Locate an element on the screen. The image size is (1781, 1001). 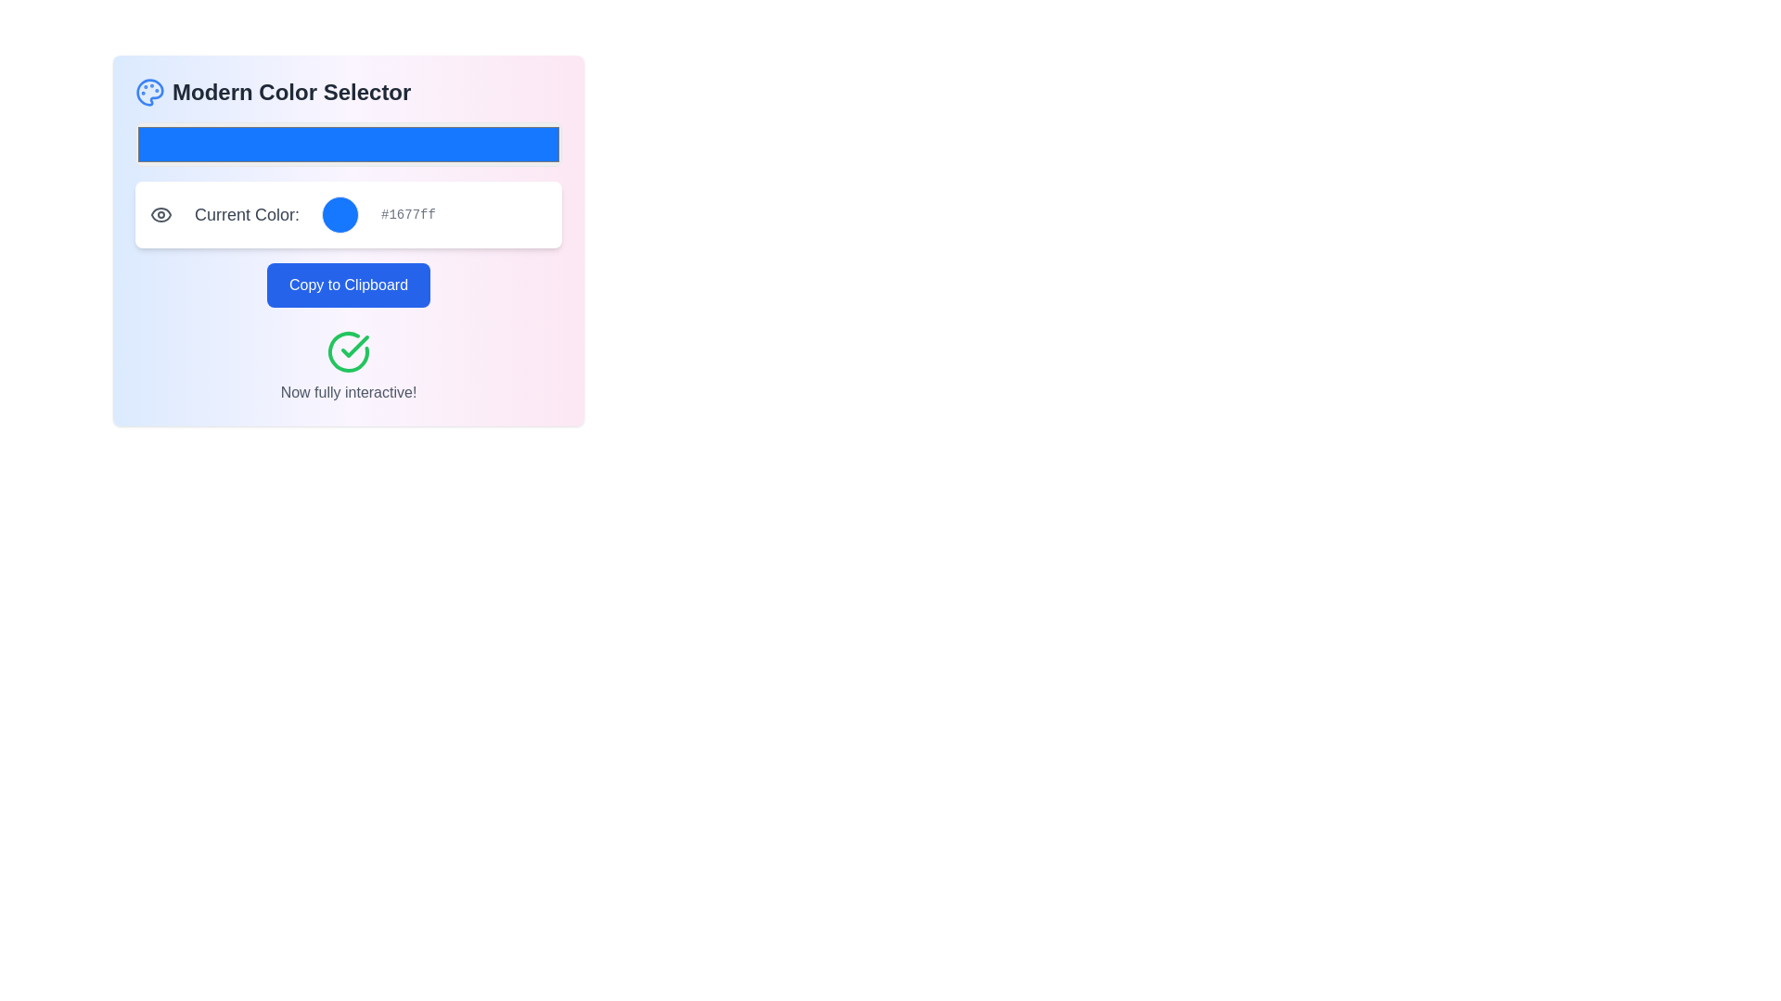
the centrally positioned button that allows users to copy the color code, changing its background color as a visual feedback upon mouse over is located at coordinates (348, 285).